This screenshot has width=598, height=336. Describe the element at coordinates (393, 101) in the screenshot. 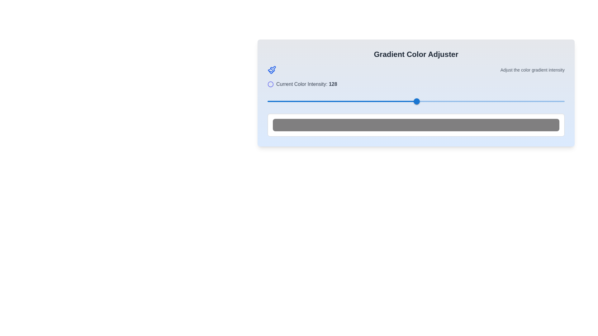

I see `the gradient color intensity` at that location.